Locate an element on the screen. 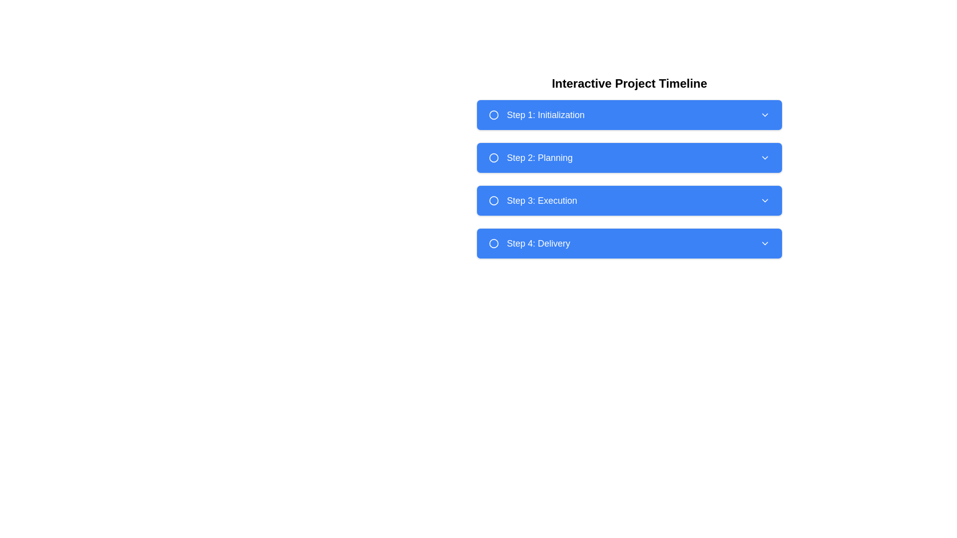 This screenshot has height=538, width=957. the Circle SVG graphical element that represents the 'Step 1' status indicator in the interactive progress timeline is located at coordinates (493, 115).